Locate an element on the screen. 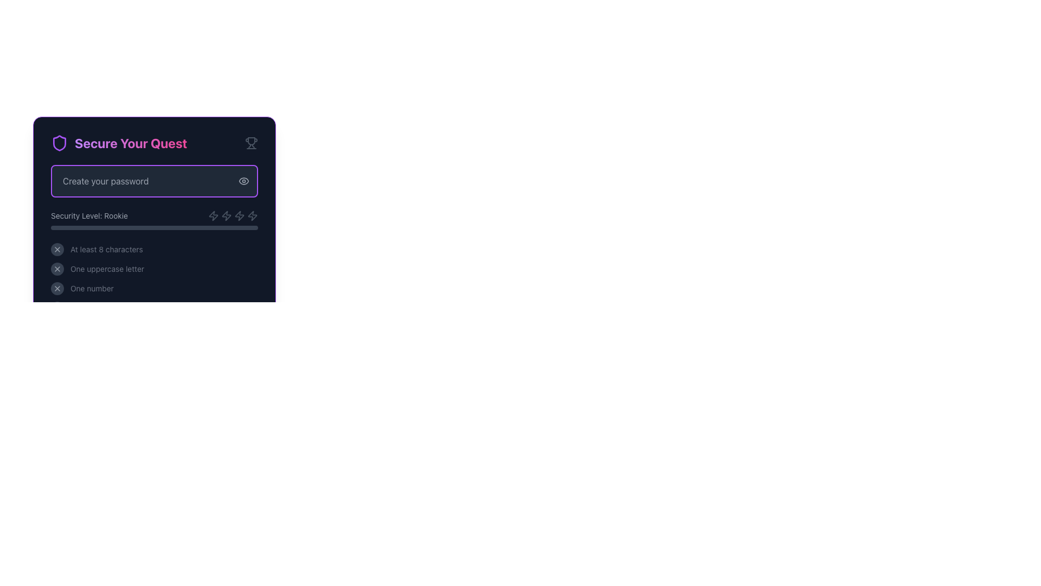 The height and width of the screenshot is (586, 1041). the status indicator that shows the requirement for at least one uppercase letter in the password, located below the 'At least 8 characters' criterion and above the 'One number' criterion is located at coordinates (153, 269).